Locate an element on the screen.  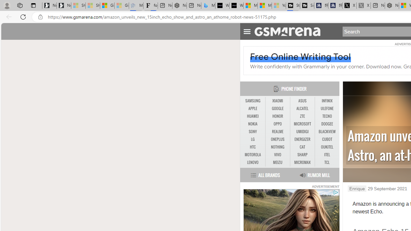
'XIAOMI' is located at coordinates (277, 101).